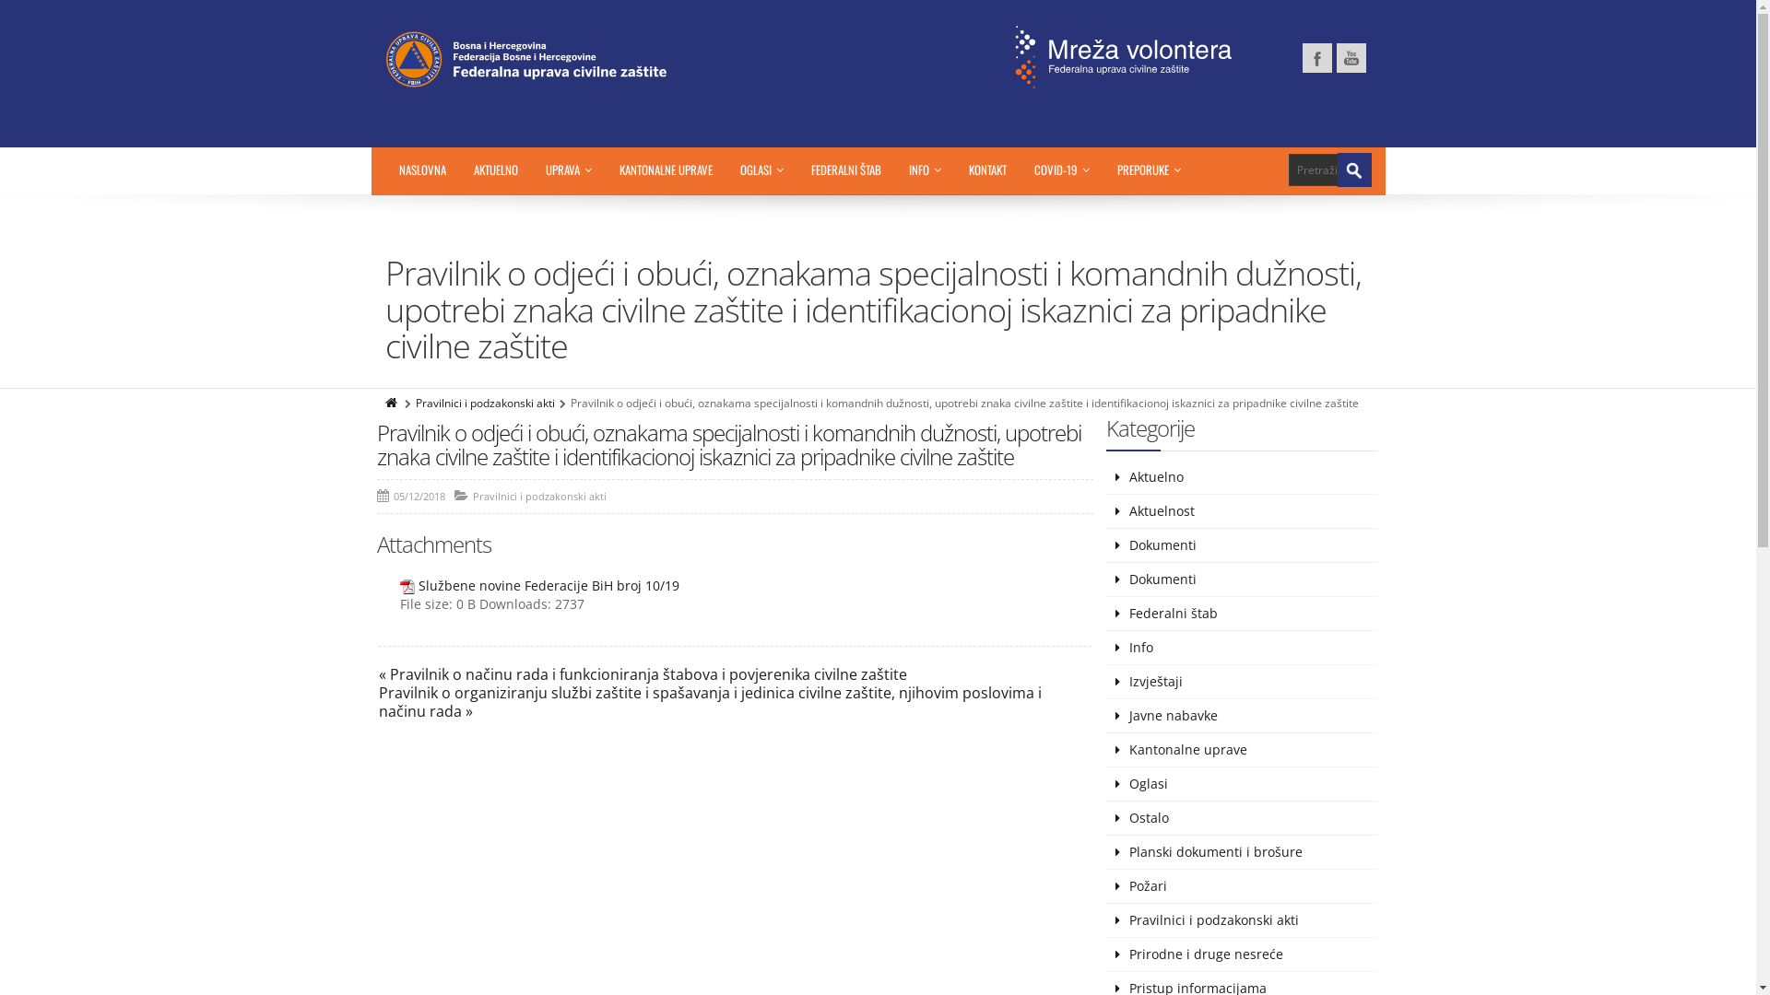  Describe the element at coordinates (1242, 511) in the screenshot. I see `'Aktuelnost'` at that location.